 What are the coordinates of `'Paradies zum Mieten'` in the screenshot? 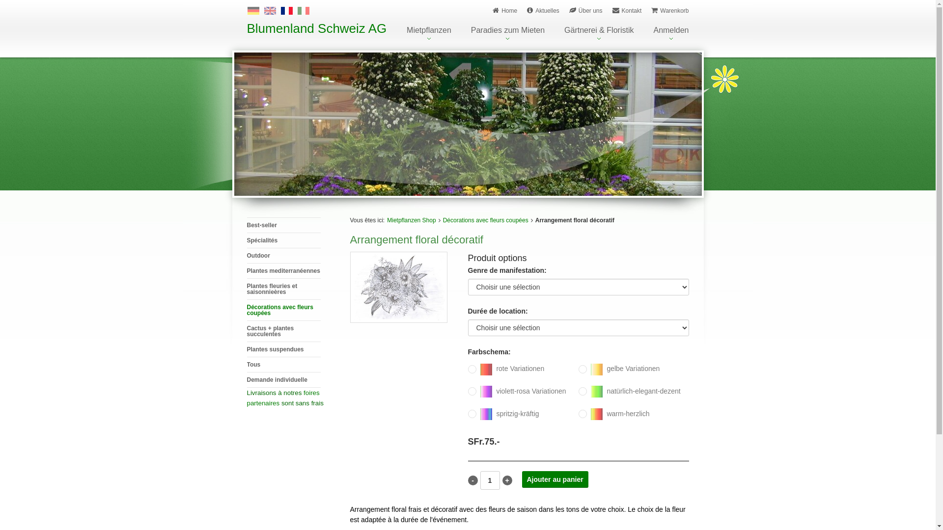 It's located at (507, 33).